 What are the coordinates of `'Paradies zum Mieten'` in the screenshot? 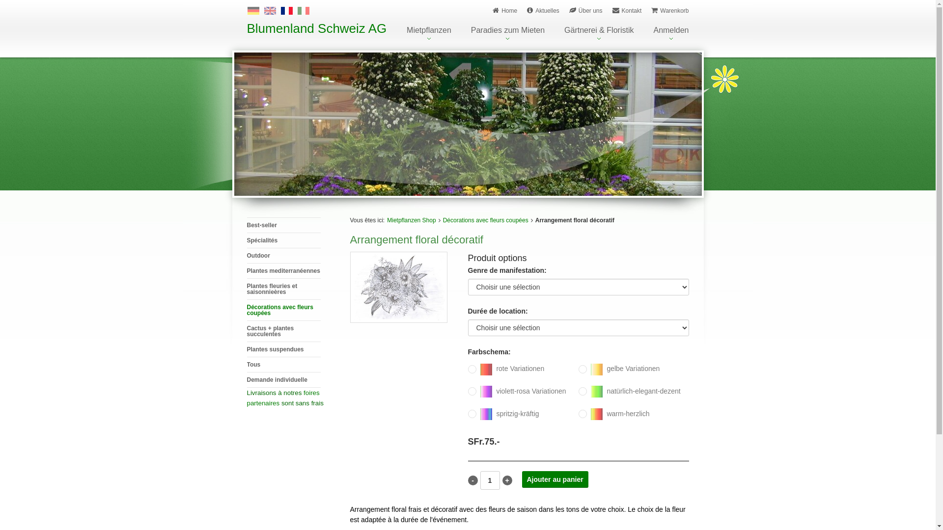 It's located at (507, 33).